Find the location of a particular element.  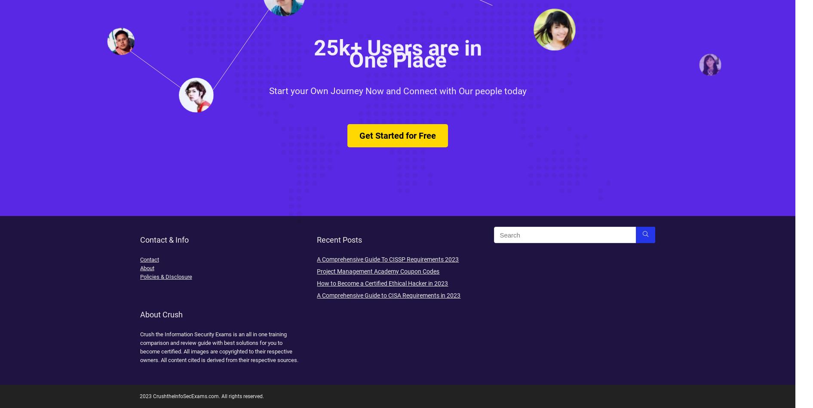

'Crush the Information Security Exams is an all in one training comparison and review guide with best solutions for you to become certified. All images are copyrighted to their respective owners. All content cited is derived from their respective sources.' is located at coordinates (219, 347).